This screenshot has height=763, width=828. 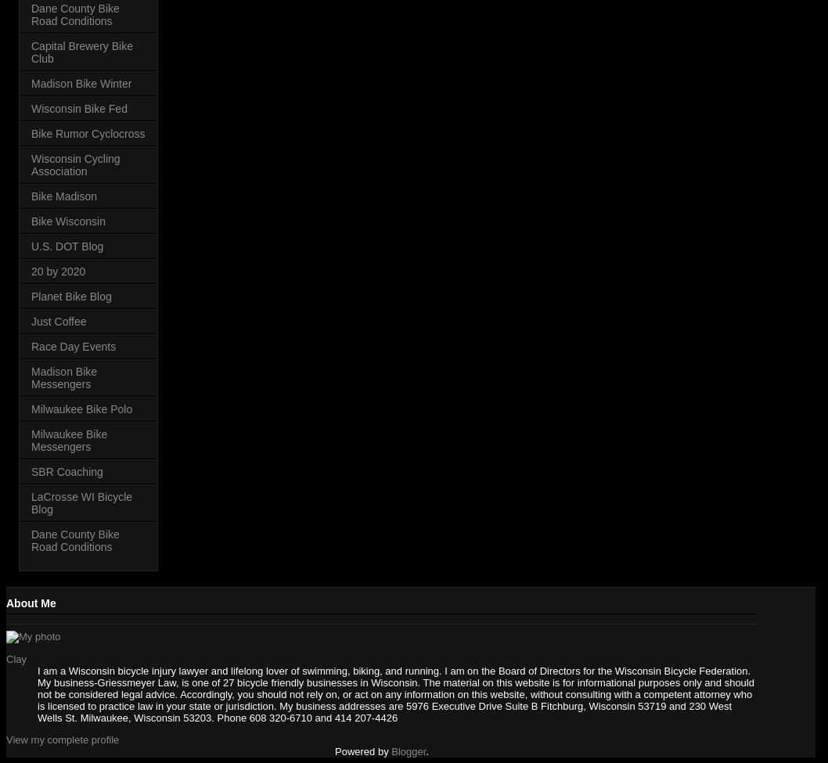 What do you see at coordinates (31, 320) in the screenshot?
I see `'Just Coffee'` at bounding box center [31, 320].